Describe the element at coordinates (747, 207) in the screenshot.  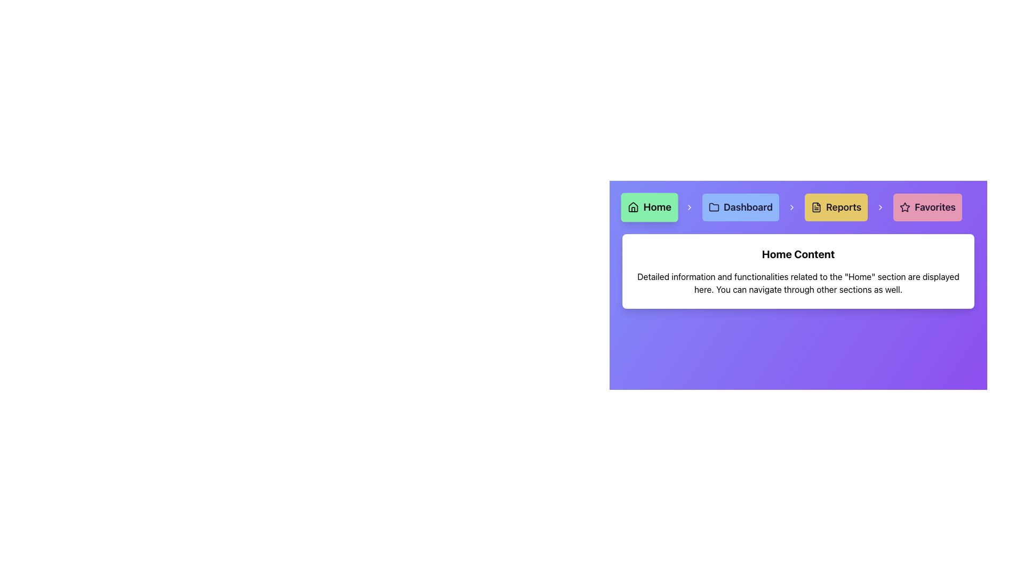
I see `the 'Dashboard' navigation item text label, which is the second item in the navigation options, located between the 'Home' and 'Reports' options` at that location.